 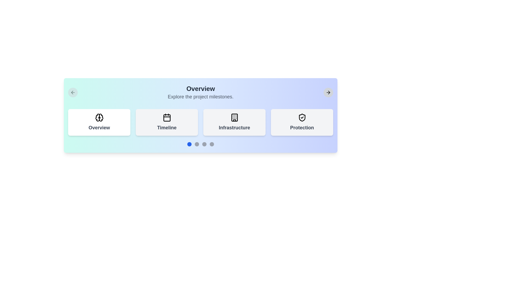 What do you see at coordinates (234, 117) in the screenshot?
I see `the icon representing a building, which features a grid-like window pattern and a rectangular outline, located under the 'Infrastructure' heading in the third card of a four-card interface` at bounding box center [234, 117].